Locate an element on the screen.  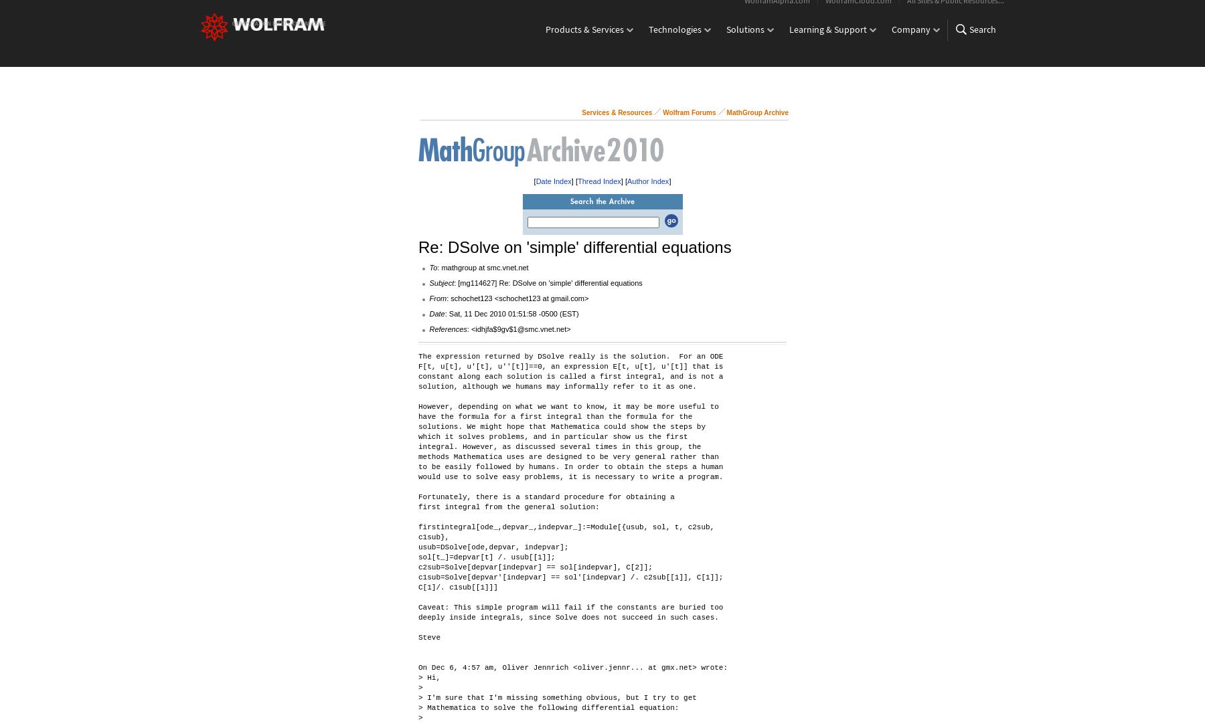
': Sat, 11 Dec 2010 01:51:58 -0500 (EST)' is located at coordinates (510, 313).